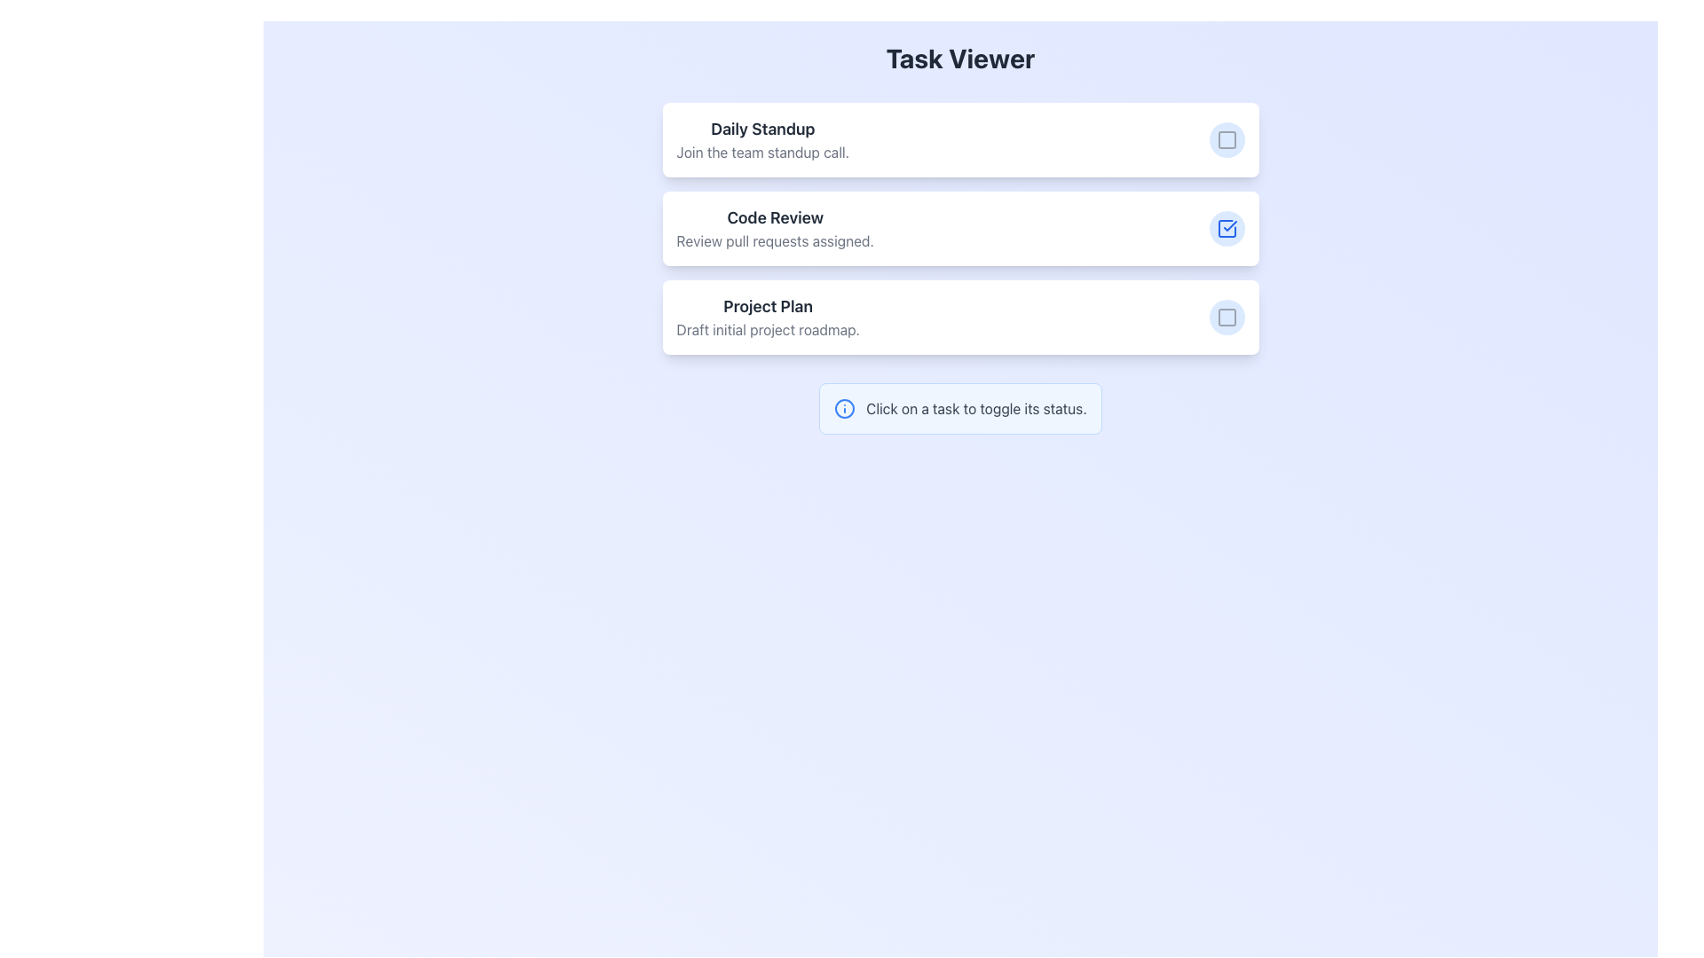  Describe the element at coordinates (775, 241) in the screenshot. I see `the static text label that provides additional details regarding the 'Code Review' task, located below the bold heading in the middle task box` at that location.